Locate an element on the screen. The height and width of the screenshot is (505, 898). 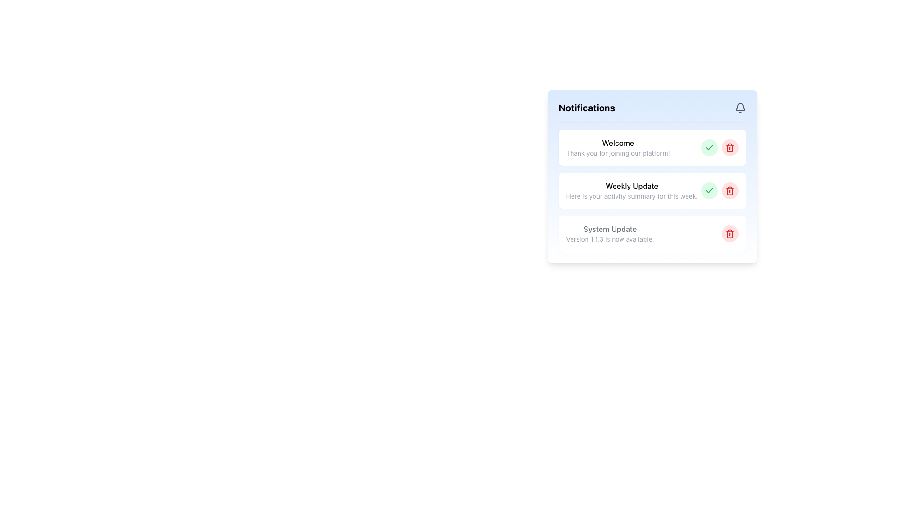
the content of the second notification in the Notifications component, which summarizes weekly activity and offers options to acknowledge or delete it is located at coordinates (652, 190).